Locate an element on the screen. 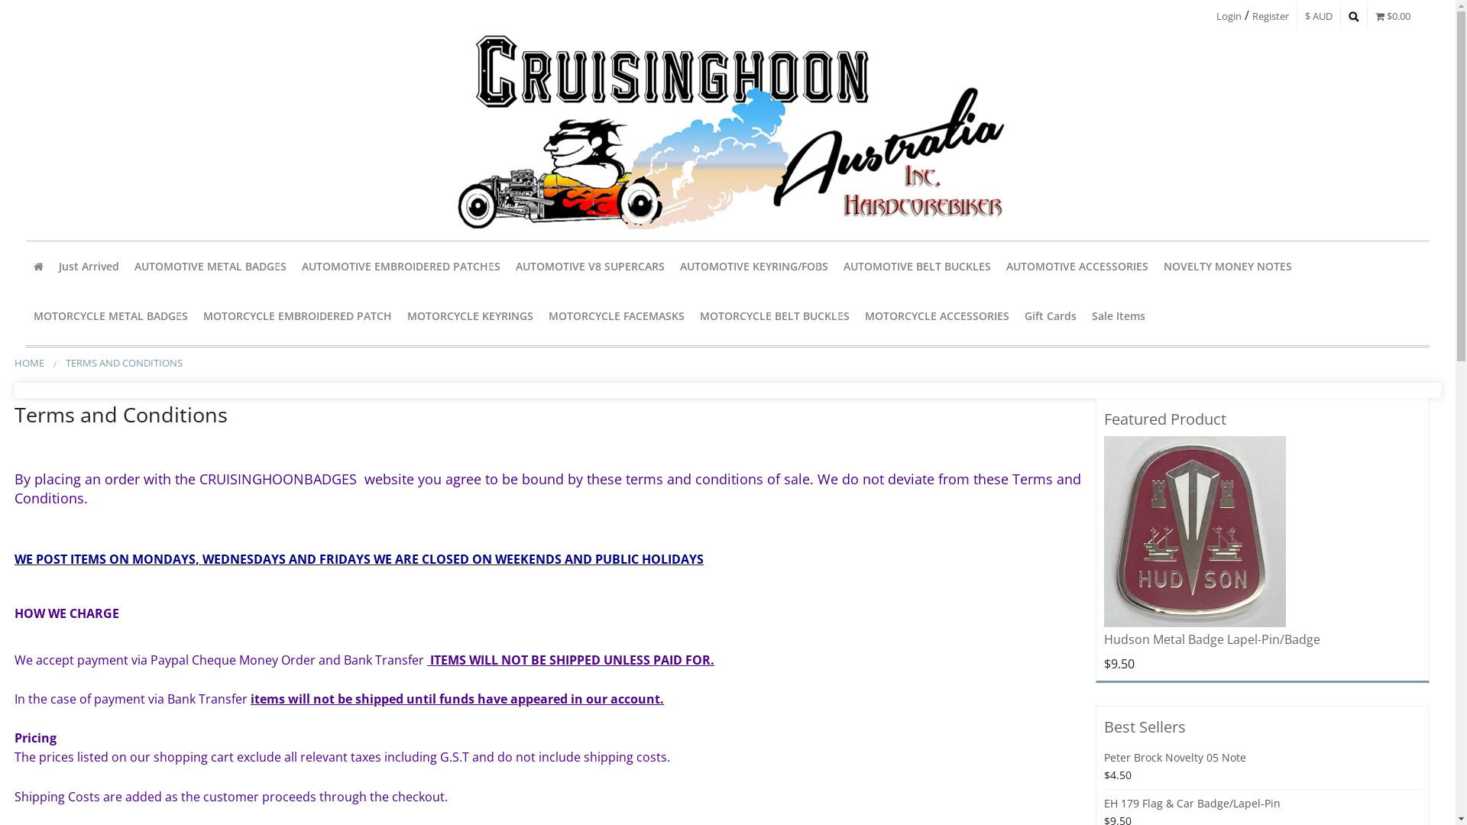 Image resolution: width=1467 pixels, height=825 pixels. 'MOTORCYCLE KEYRINGS' is located at coordinates (400, 315).